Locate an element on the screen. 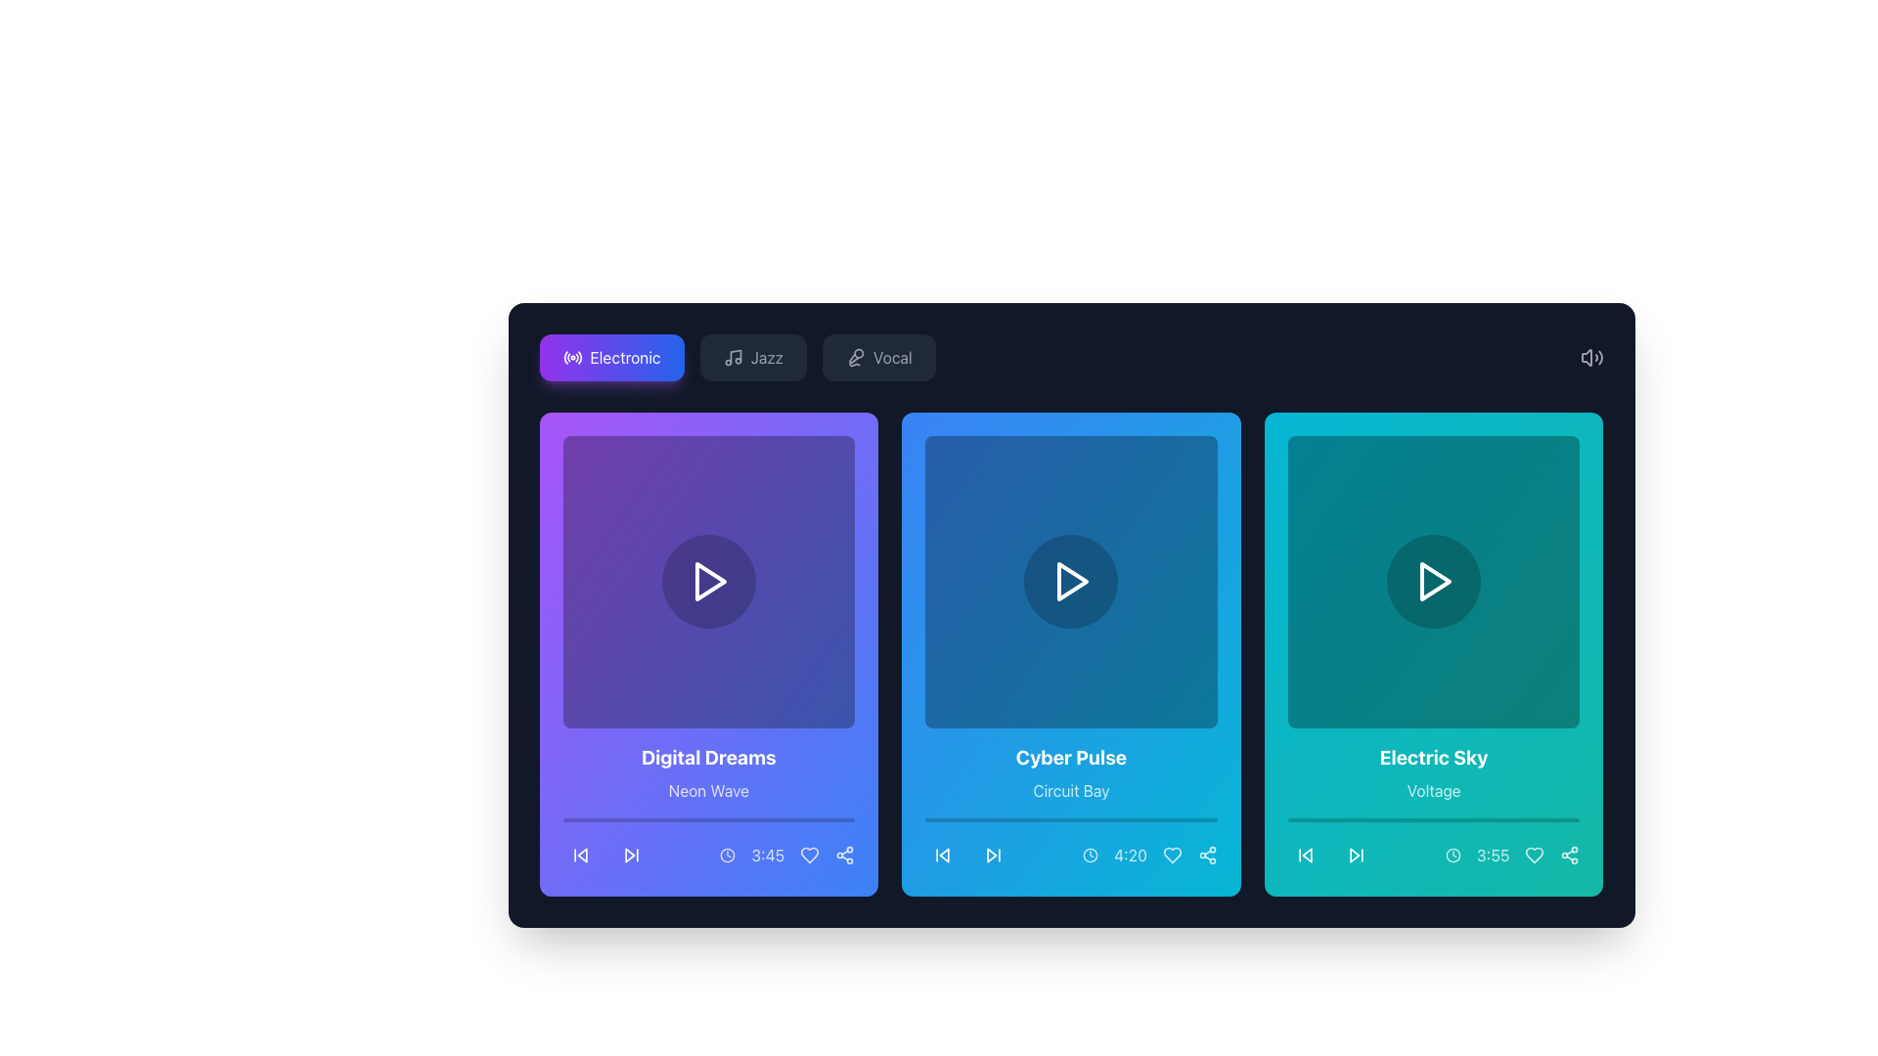 The height and width of the screenshot is (1056, 1878). the play button with a rounded square shape, gradient background from purple to blue, and a white play icon in the center is located at coordinates (707, 581).